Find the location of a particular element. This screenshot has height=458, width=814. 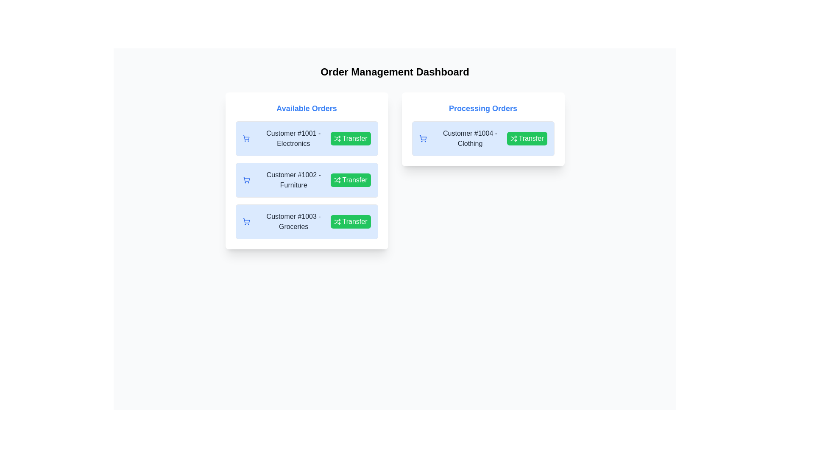

the shuffle icon located to the left of the 'Transfer' button, which features two overlapping curved arrows in a minimalistic design is located at coordinates (337, 179).